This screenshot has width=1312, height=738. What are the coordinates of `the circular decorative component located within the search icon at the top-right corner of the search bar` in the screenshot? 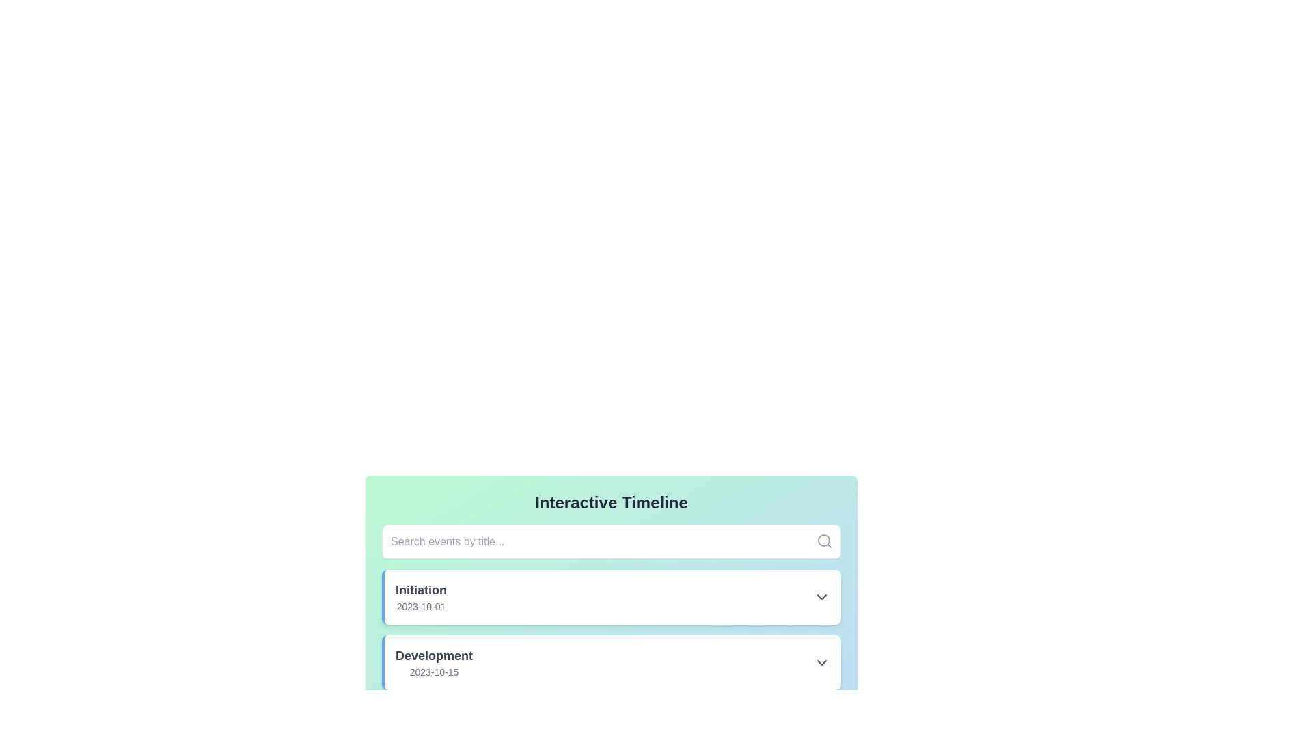 It's located at (823, 539).